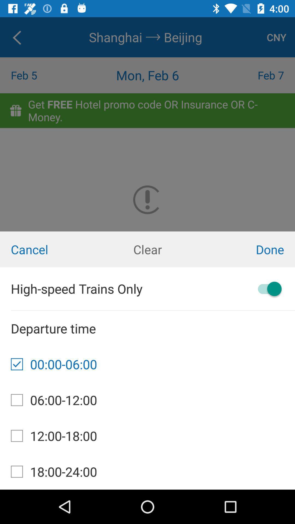  I want to click on cancel item, so click(49, 249).